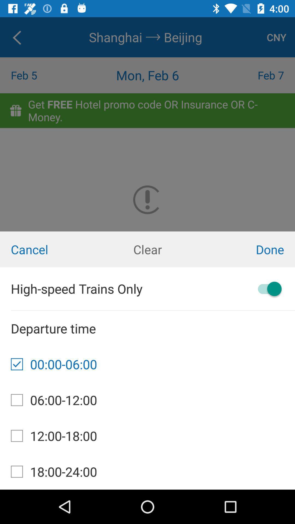  I want to click on cancel item, so click(49, 249).